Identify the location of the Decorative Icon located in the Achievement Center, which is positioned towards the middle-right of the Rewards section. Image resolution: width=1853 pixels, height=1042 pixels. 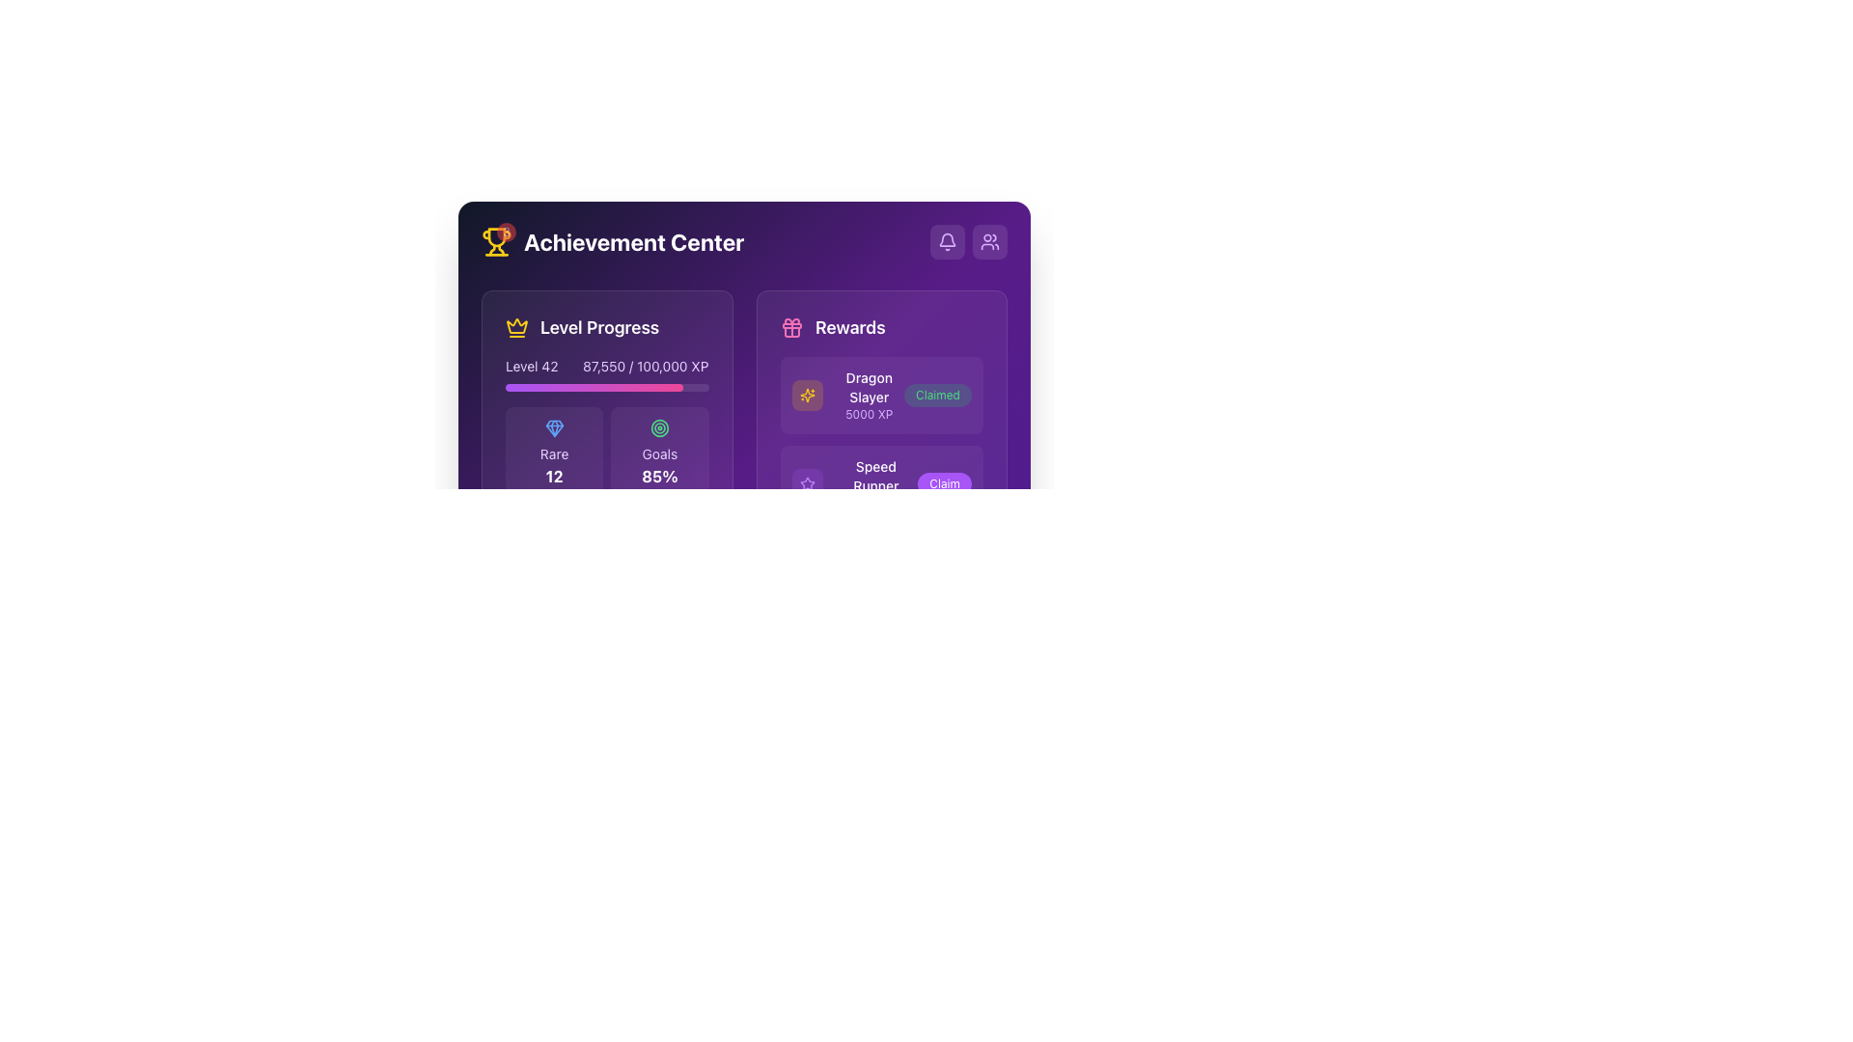
(807, 394).